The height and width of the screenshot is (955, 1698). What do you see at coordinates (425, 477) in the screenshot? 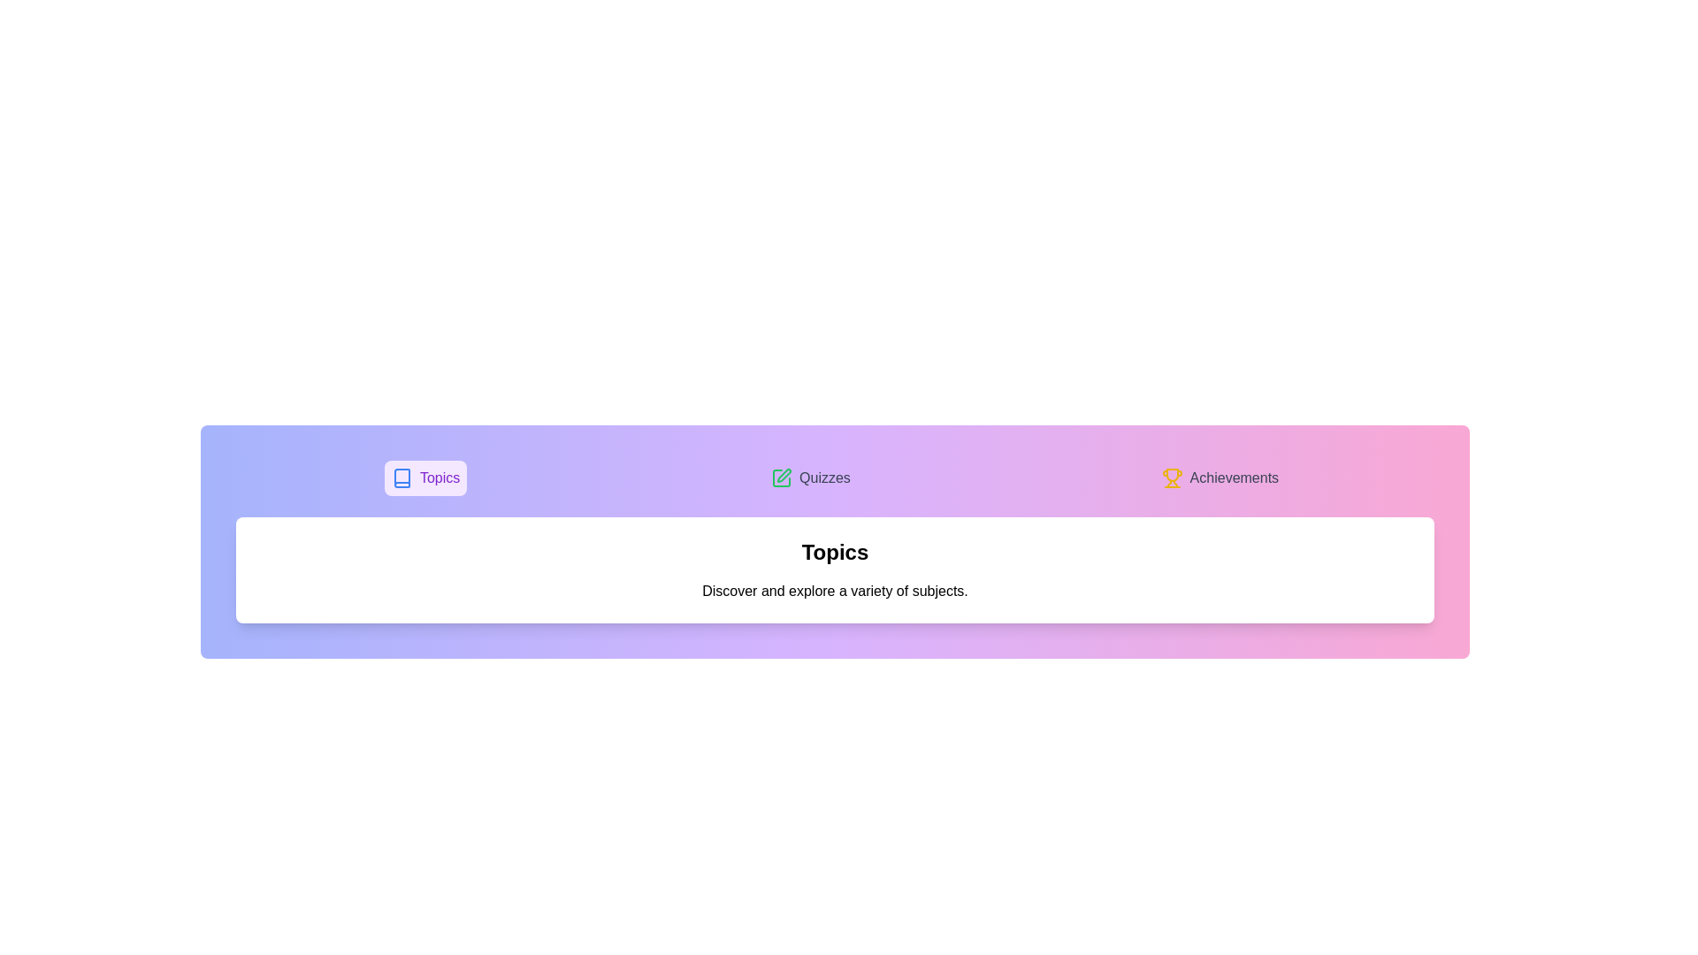
I see `the Topics tab to switch the active content view` at bounding box center [425, 477].